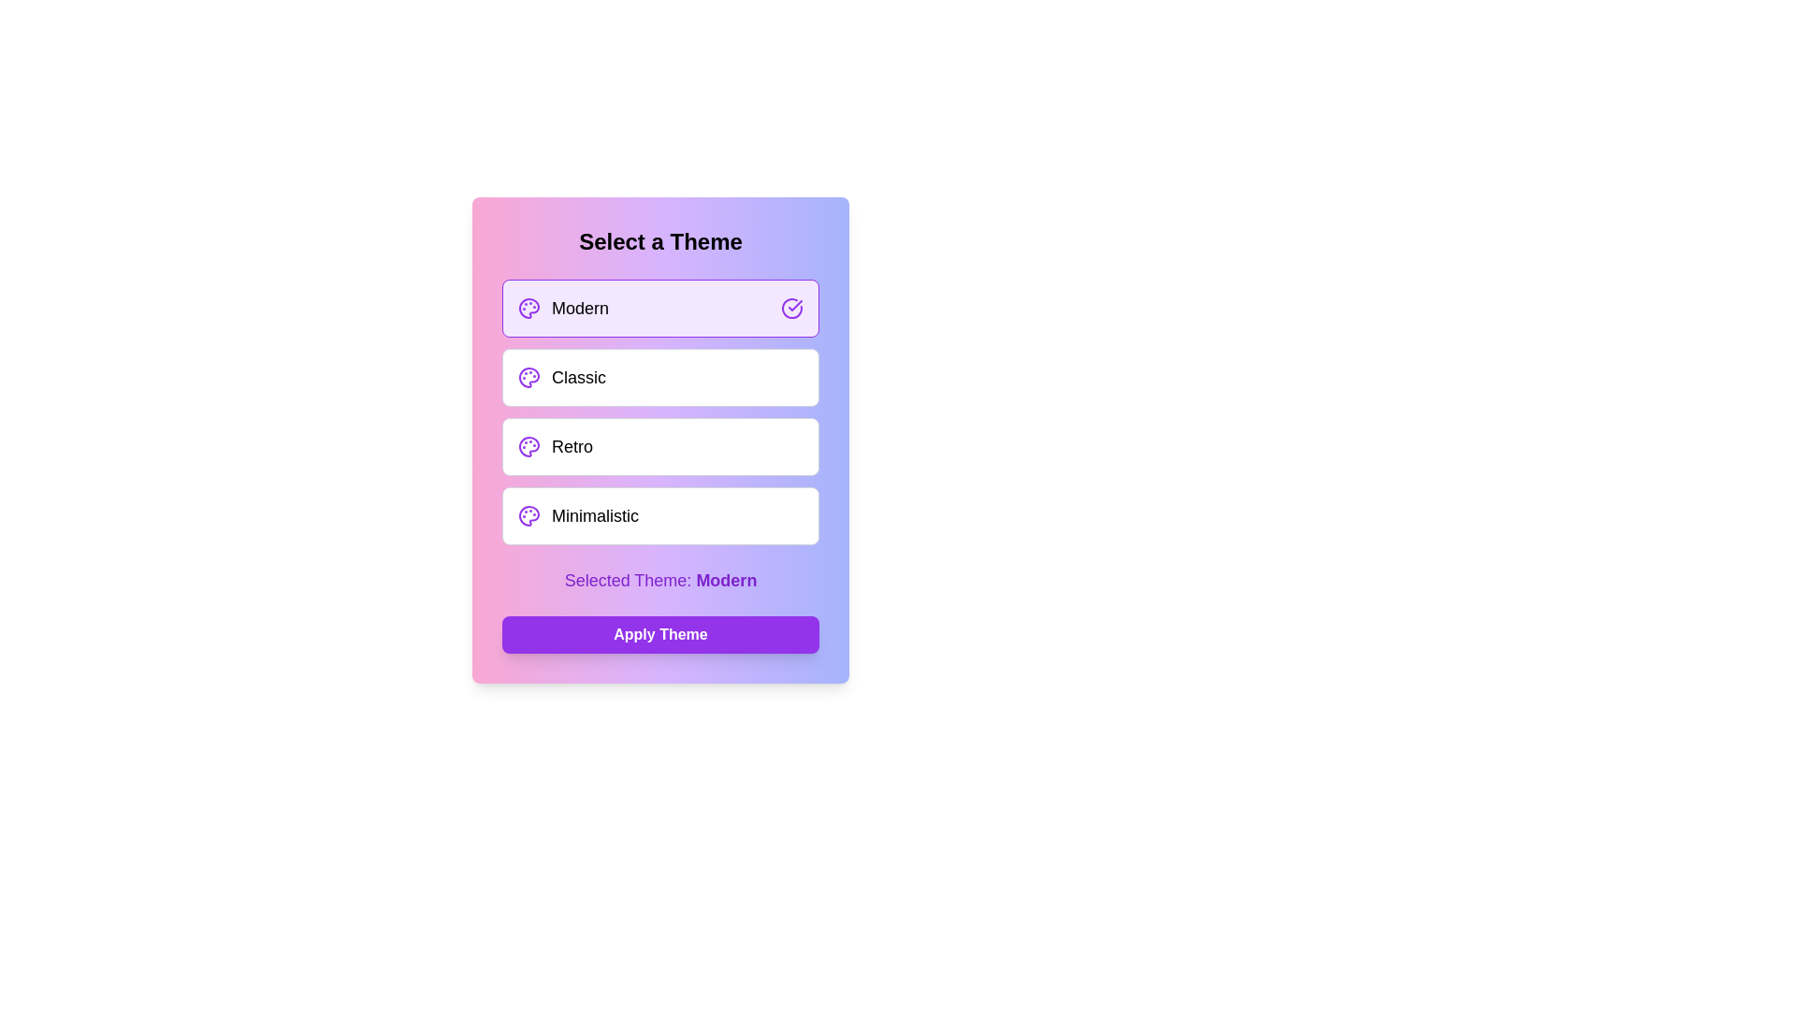 Image resolution: width=1796 pixels, height=1010 pixels. What do you see at coordinates (791, 308) in the screenshot?
I see `the Checkmark Confirmation icon indicating that the 'Modern' theme has been selected in the 'Select a Theme' menu` at bounding box center [791, 308].